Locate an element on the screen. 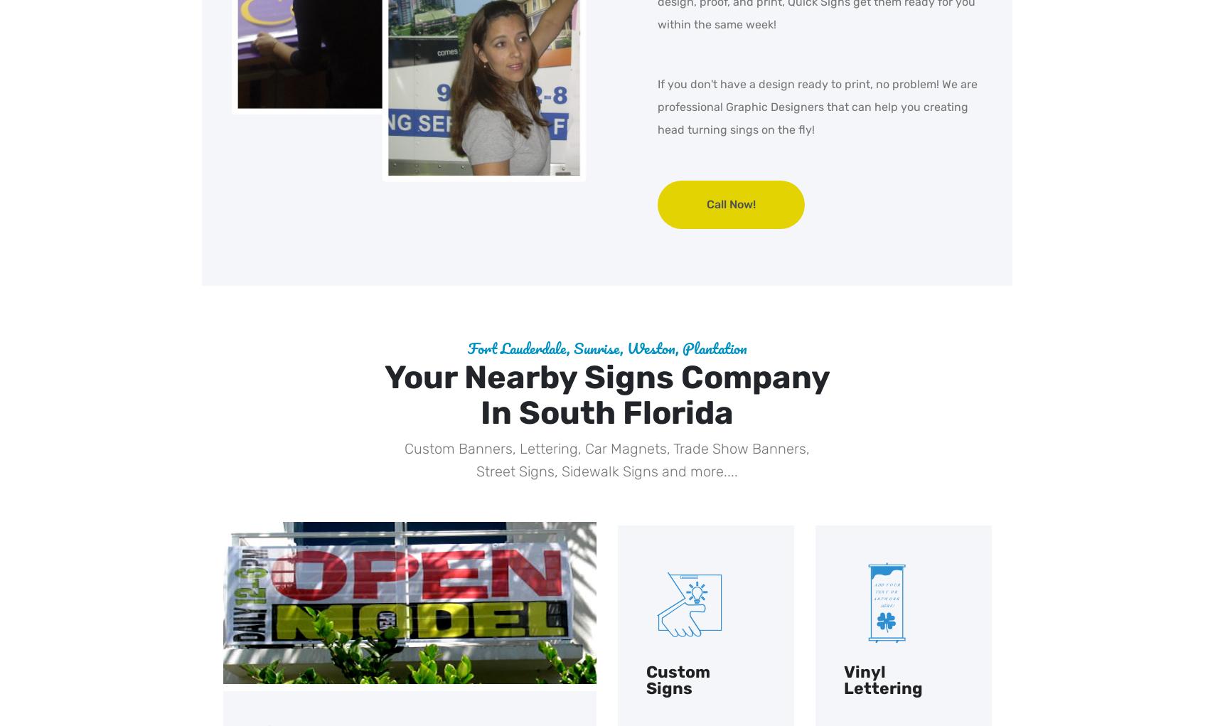 The width and height of the screenshot is (1225, 726). 'Call Now!' is located at coordinates (730, 204).